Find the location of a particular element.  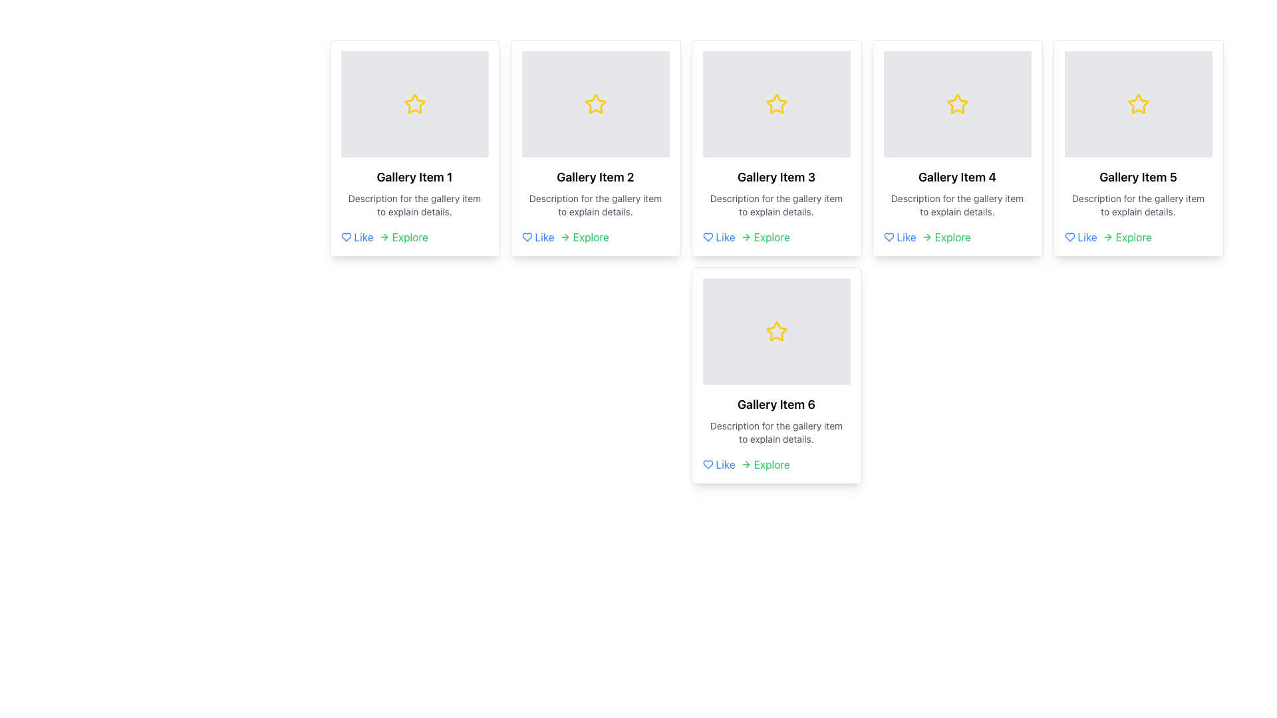

the title text of the second gallery item, which displays the name or title of the gallery content, positioned above the description text and below the image placeholder is located at coordinates (595, 176).